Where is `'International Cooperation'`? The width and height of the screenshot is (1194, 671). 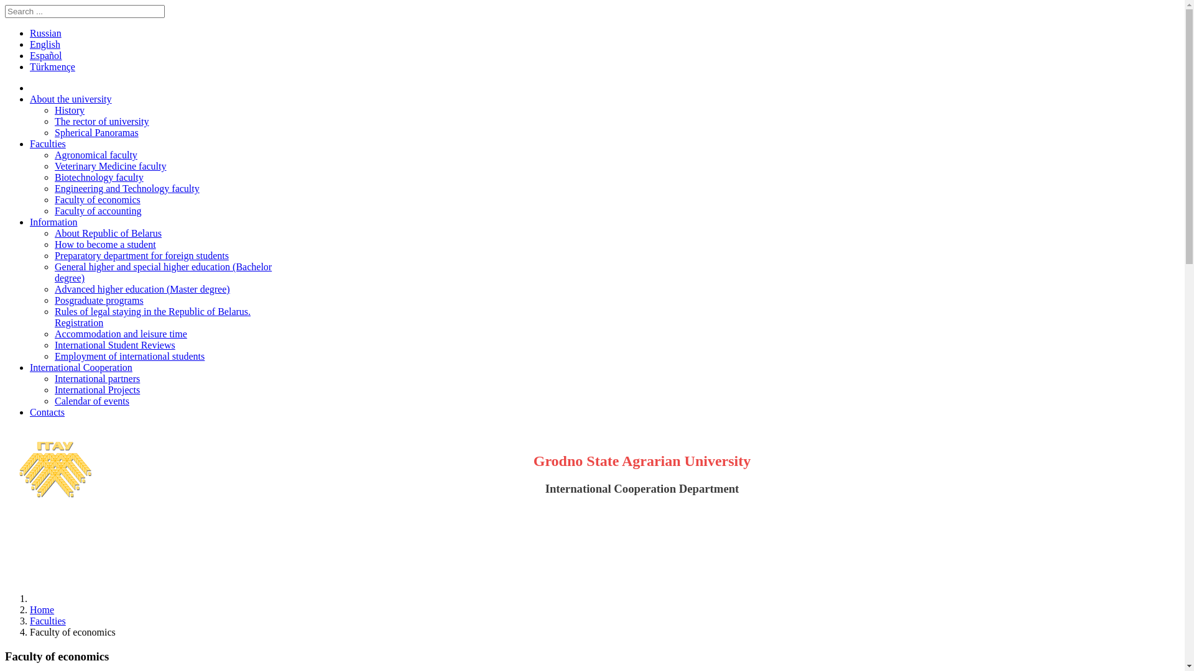
'International Cooperation' is located at coordinates (80, 367).